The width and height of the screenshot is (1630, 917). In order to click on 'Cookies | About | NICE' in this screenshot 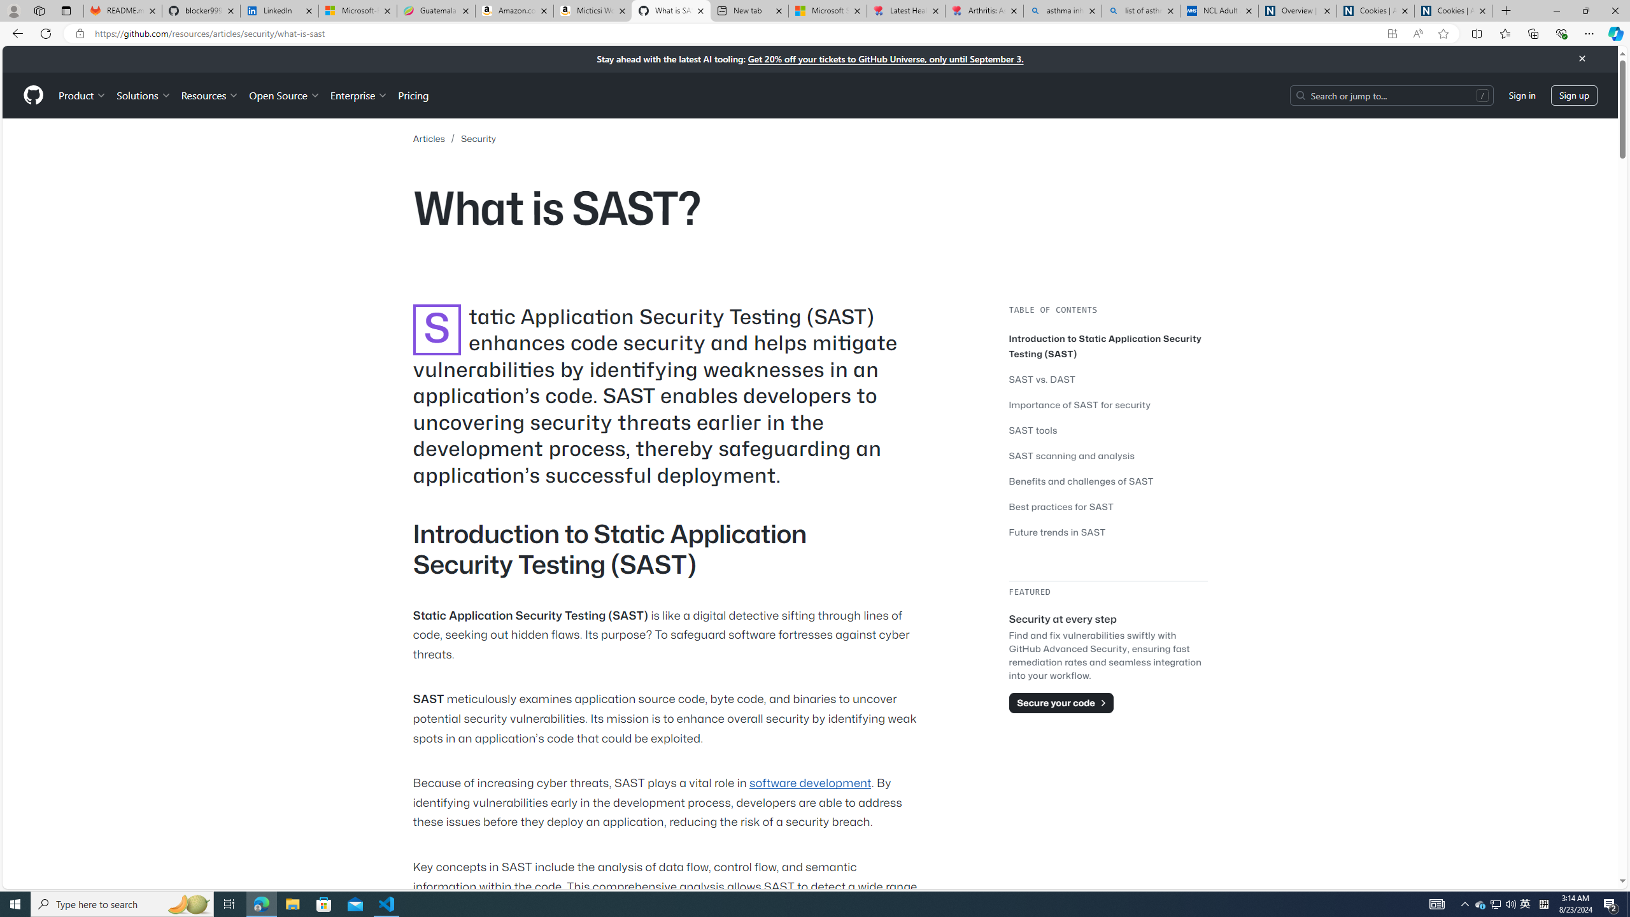, I will do `click(1453, 10)`.